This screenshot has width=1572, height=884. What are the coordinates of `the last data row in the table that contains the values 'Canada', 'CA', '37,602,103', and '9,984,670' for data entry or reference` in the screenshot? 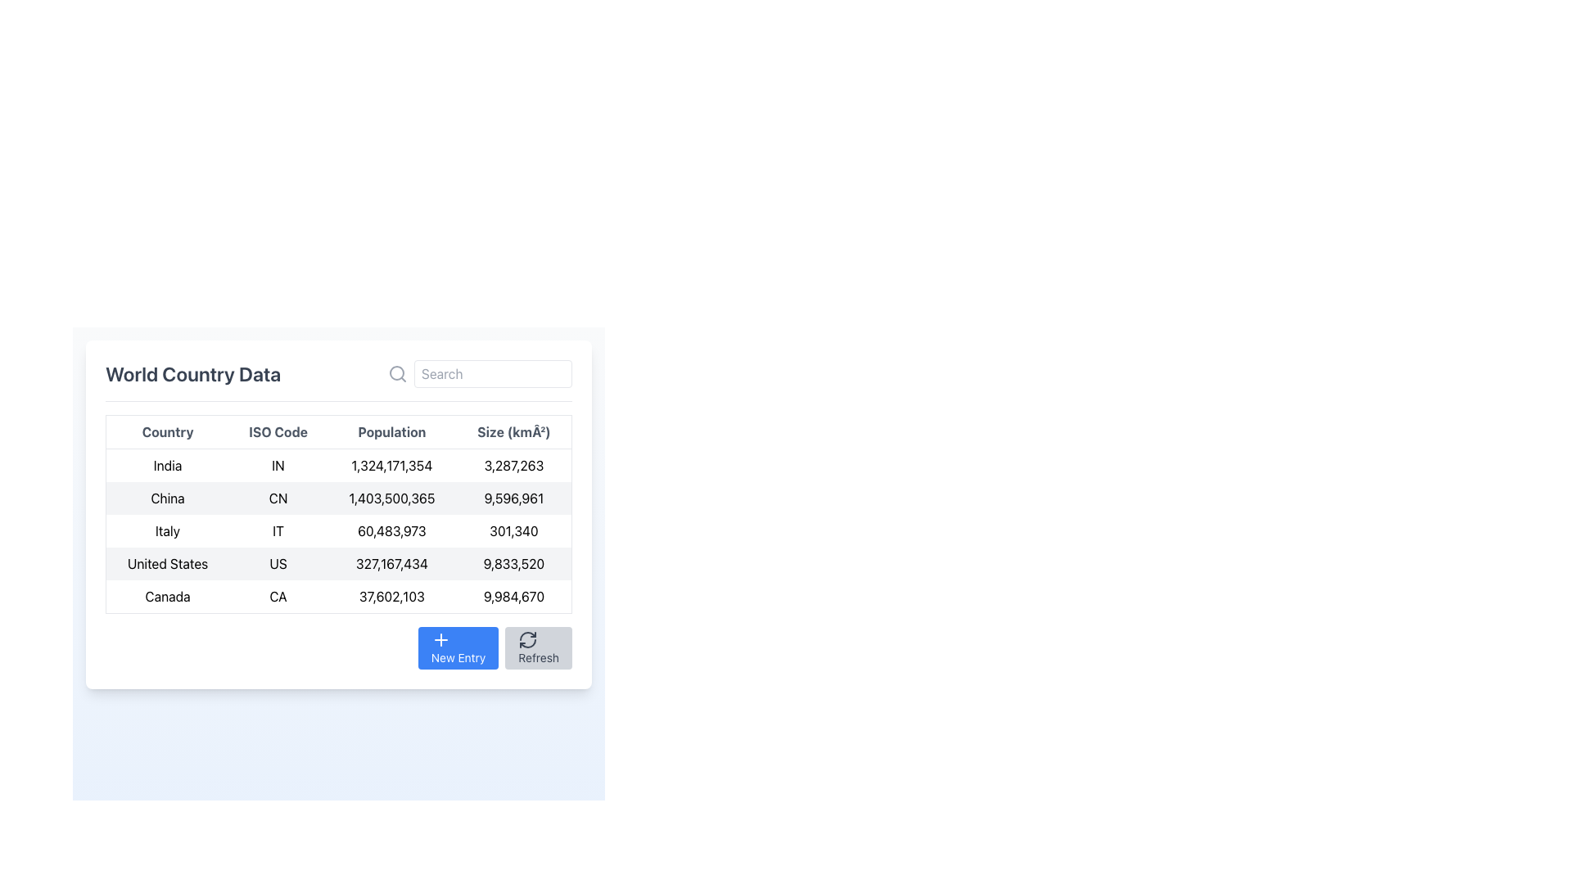 It's located at (337, 597).